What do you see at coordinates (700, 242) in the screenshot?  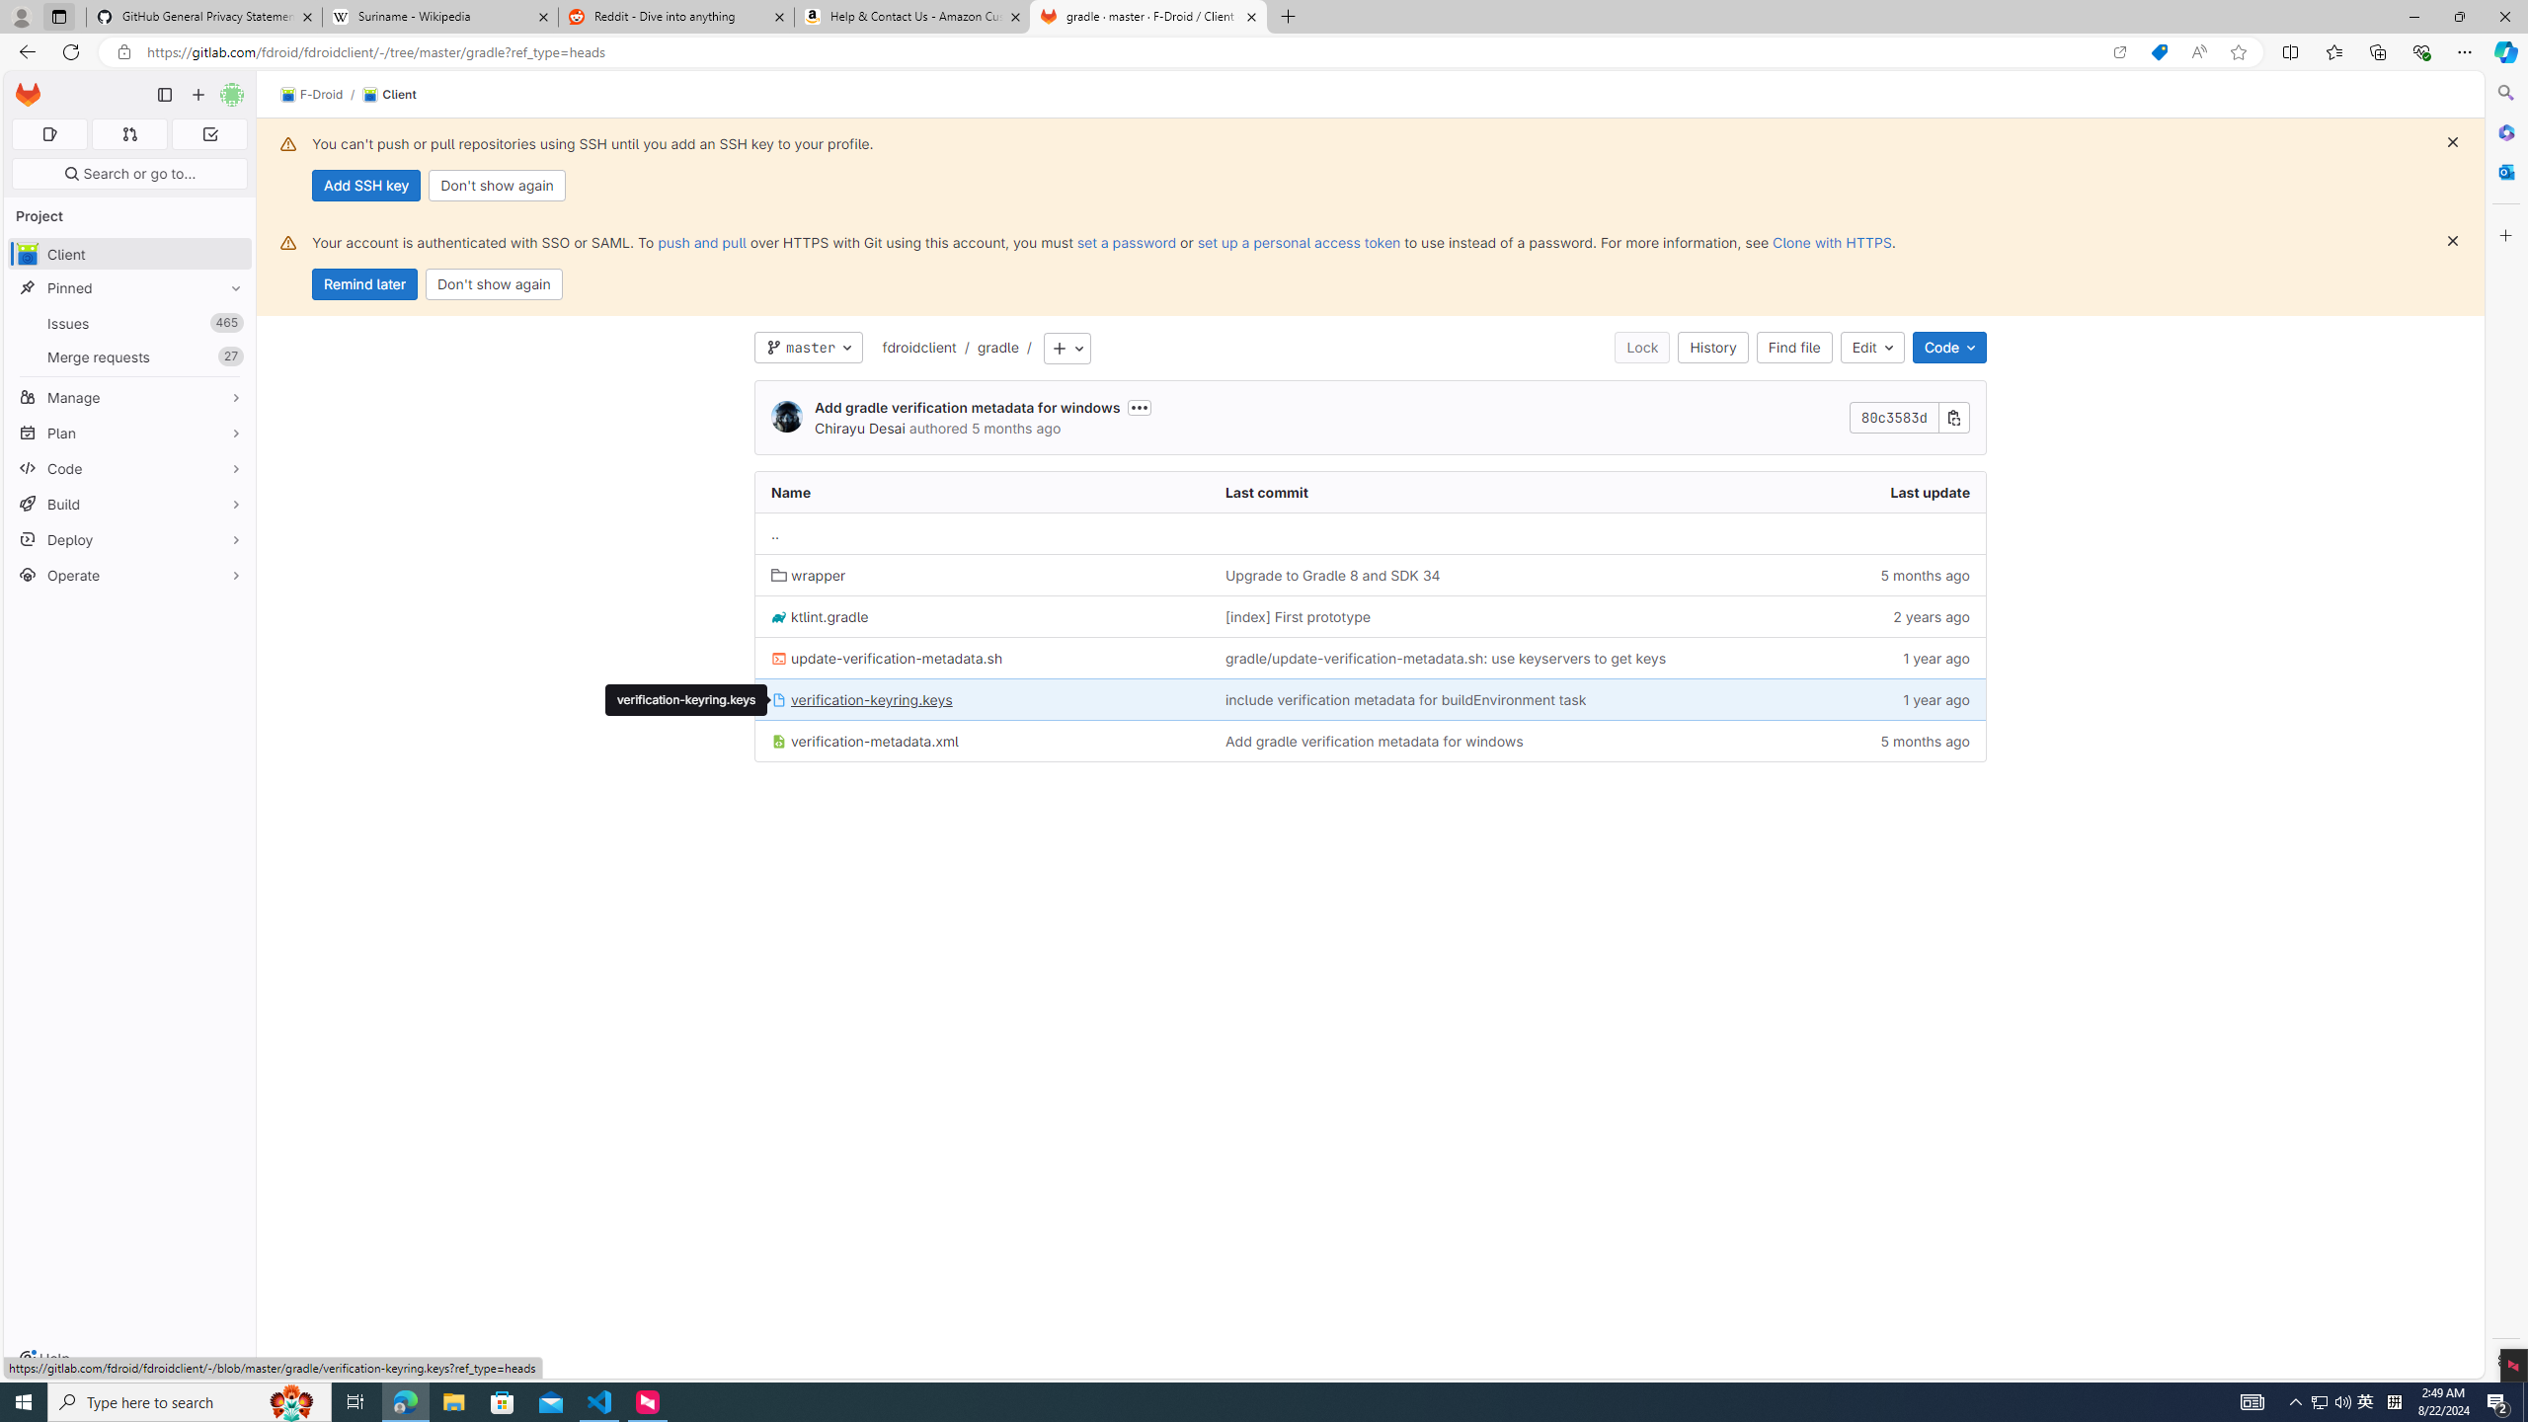 I see `'push and pull'` at bounding box center [700, 242].